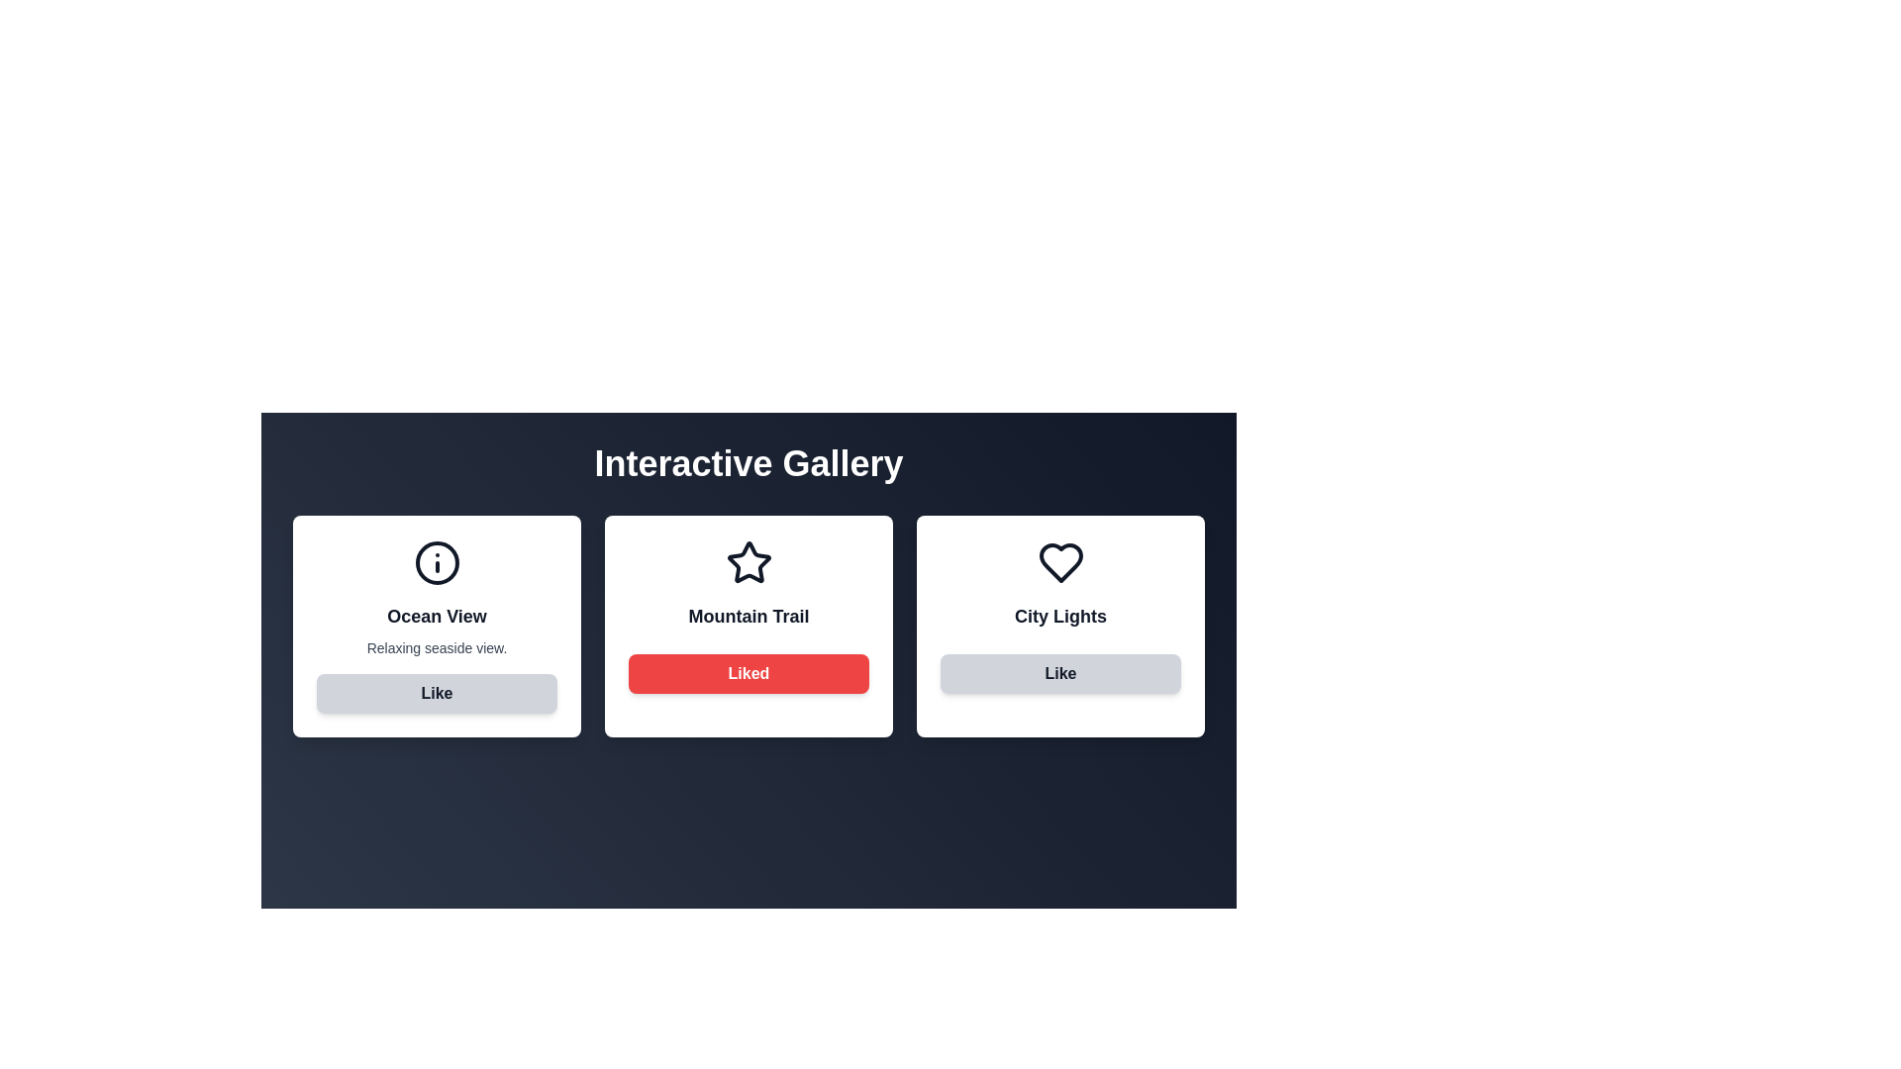 This screenshot has height=1069, width=1901. What do you see at coordinates (436, 563) in the screenshot?
I see `the informative marker icon located at the top of the 'Ocean View' card, which is centered in the leftmost column of a three-column layout` at bounding box center [436, 563].